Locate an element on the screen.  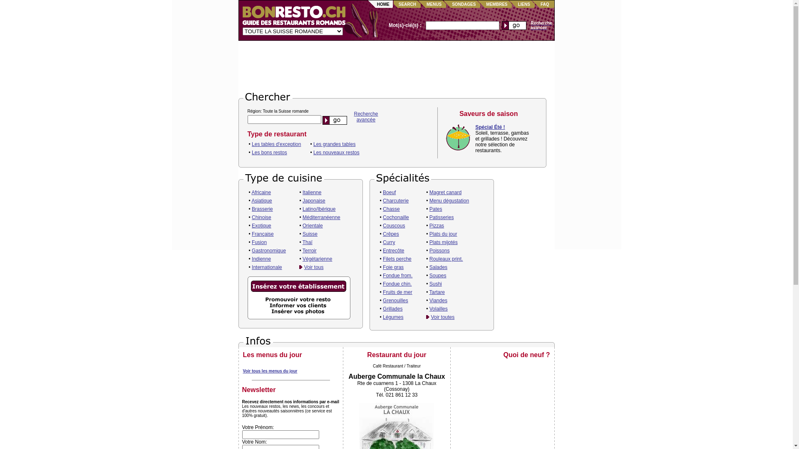
'Fondue chin.' is located at coordinates (397, 283).